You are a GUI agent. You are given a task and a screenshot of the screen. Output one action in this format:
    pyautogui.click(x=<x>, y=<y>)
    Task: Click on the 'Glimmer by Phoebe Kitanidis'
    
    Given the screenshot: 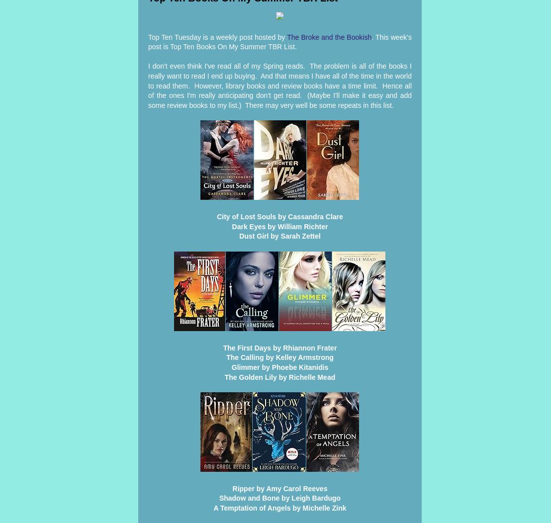 What is the action you would take?
    pyautogui.click(x=231, y=366)
    